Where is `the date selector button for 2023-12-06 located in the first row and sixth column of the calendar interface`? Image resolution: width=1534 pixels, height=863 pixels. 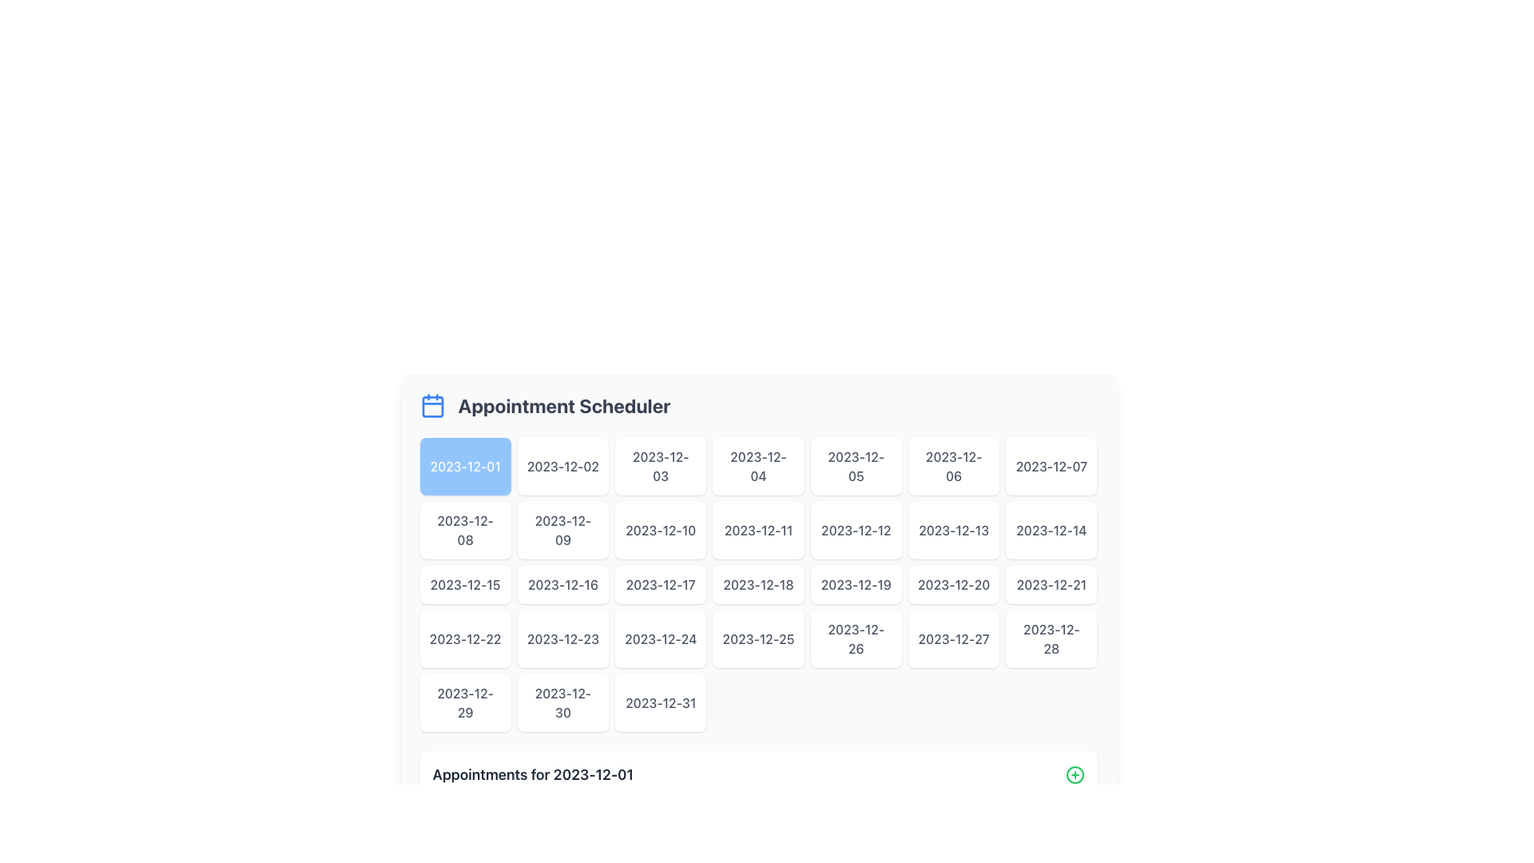
the date selector button for 2023-12-06 located in the first row and sixth column of the calendar interface is located at coordinates (954, 466).